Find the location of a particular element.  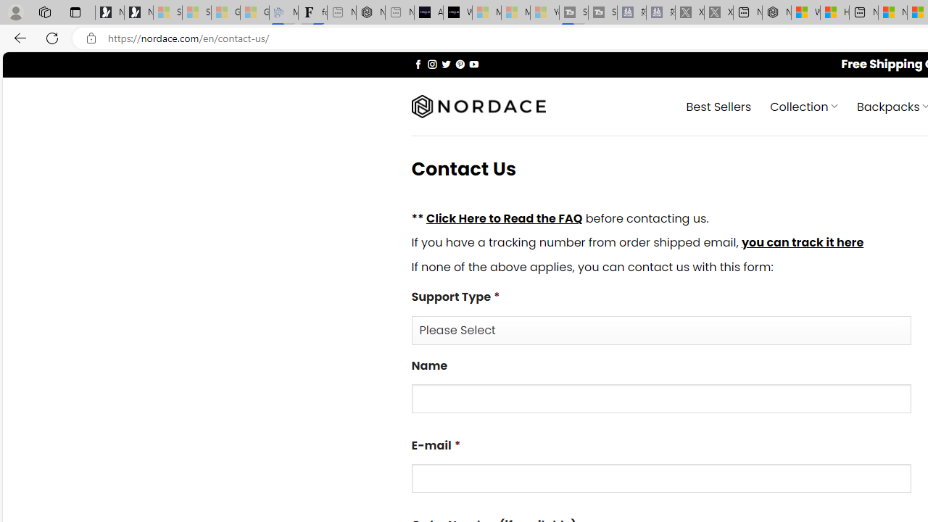

'Back' is located at coordinates (17, 37).